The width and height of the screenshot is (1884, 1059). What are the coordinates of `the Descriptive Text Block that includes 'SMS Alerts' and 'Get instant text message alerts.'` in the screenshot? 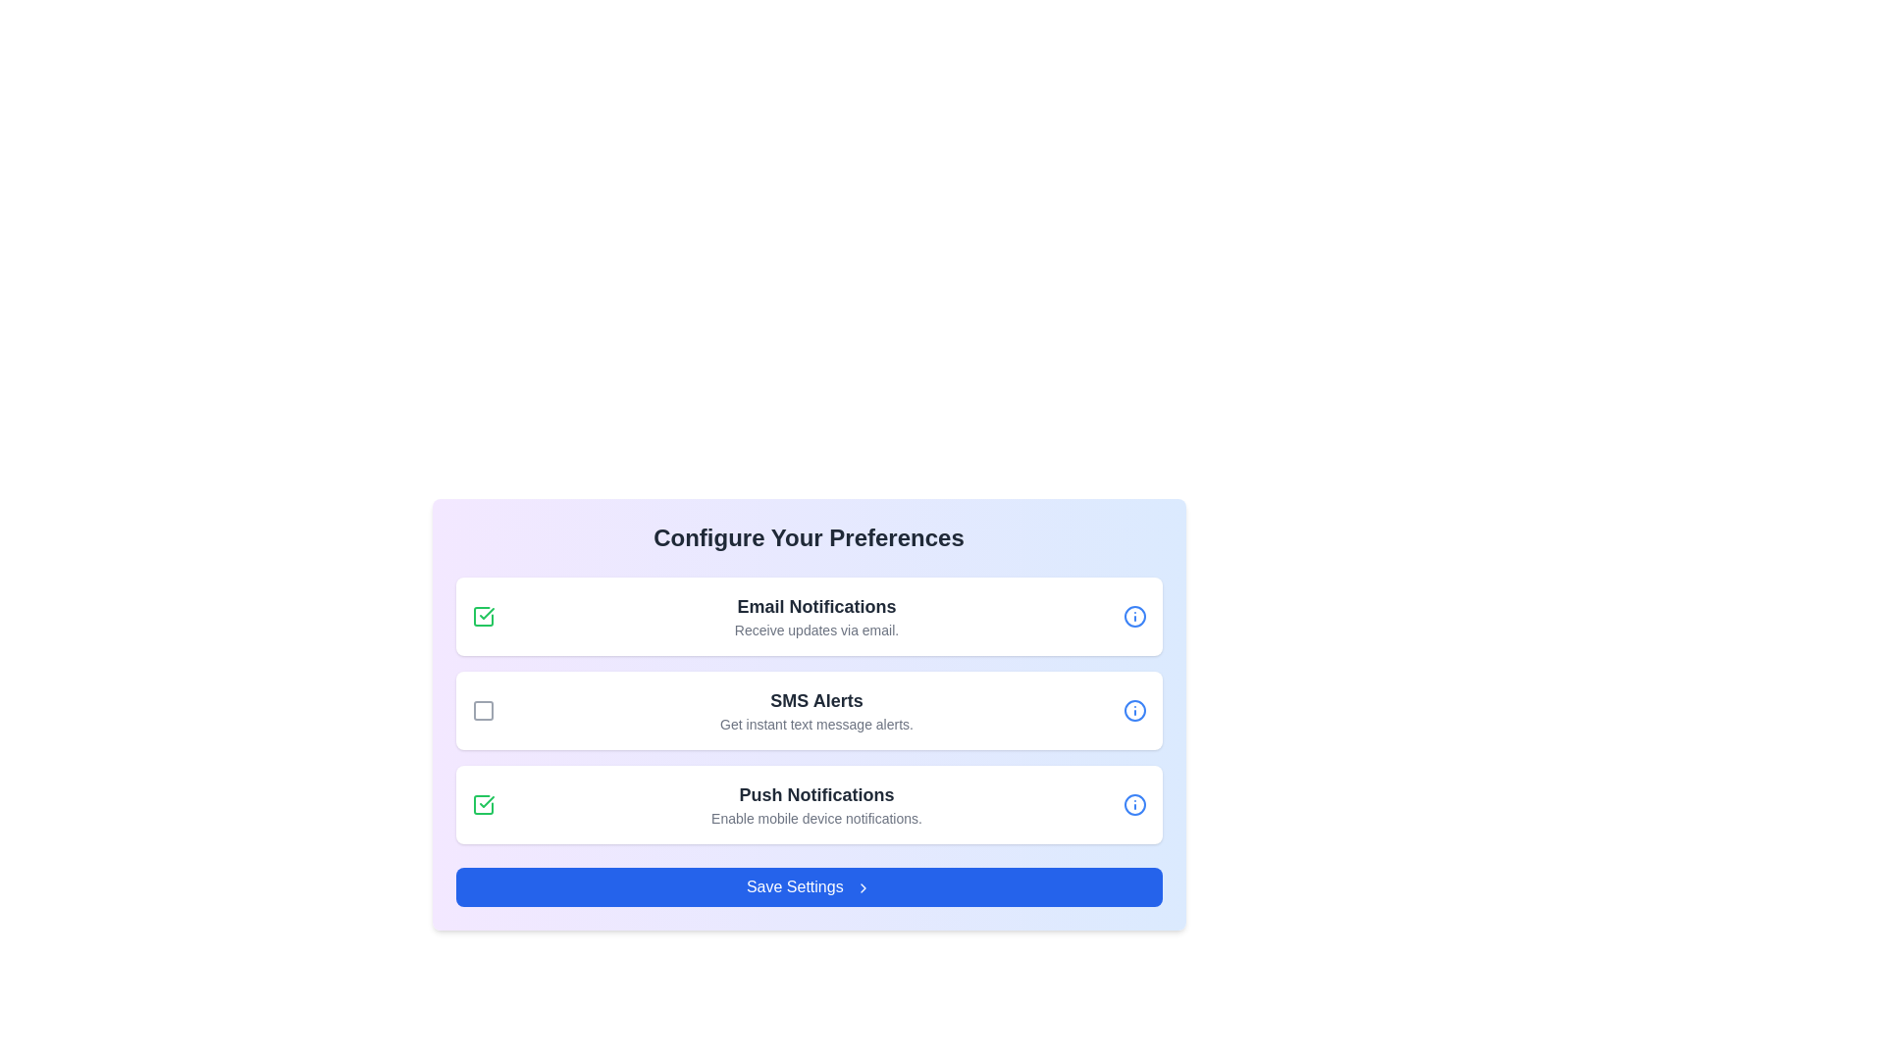 It's located at (816, 711).